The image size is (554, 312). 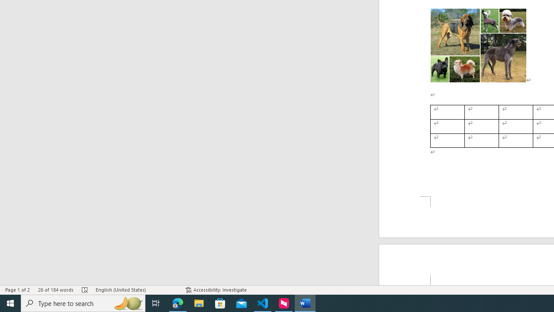 I want to click on 'Language English (United States)', so click(x=136, y=290).